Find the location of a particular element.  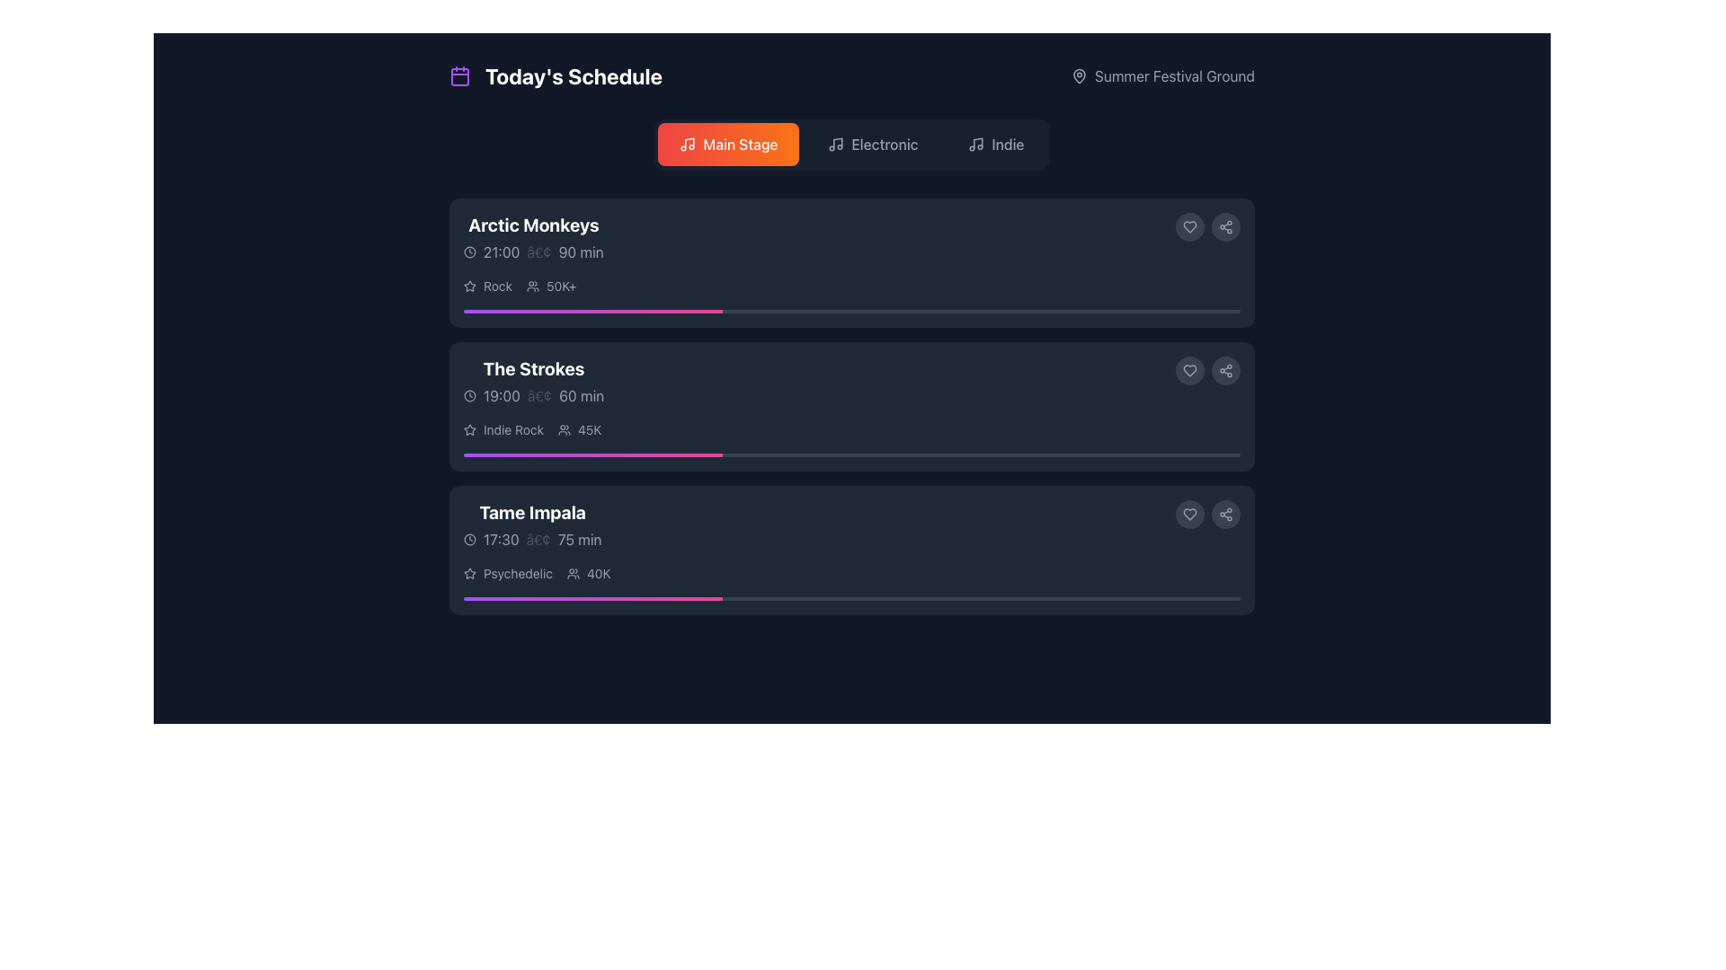

the Action group containing two circular buttons, the left button with a heart icon and the right button with a share icon, located in the rightmost section of 'The Strokes' in today's schedule is located at coordinates (1208, 369).